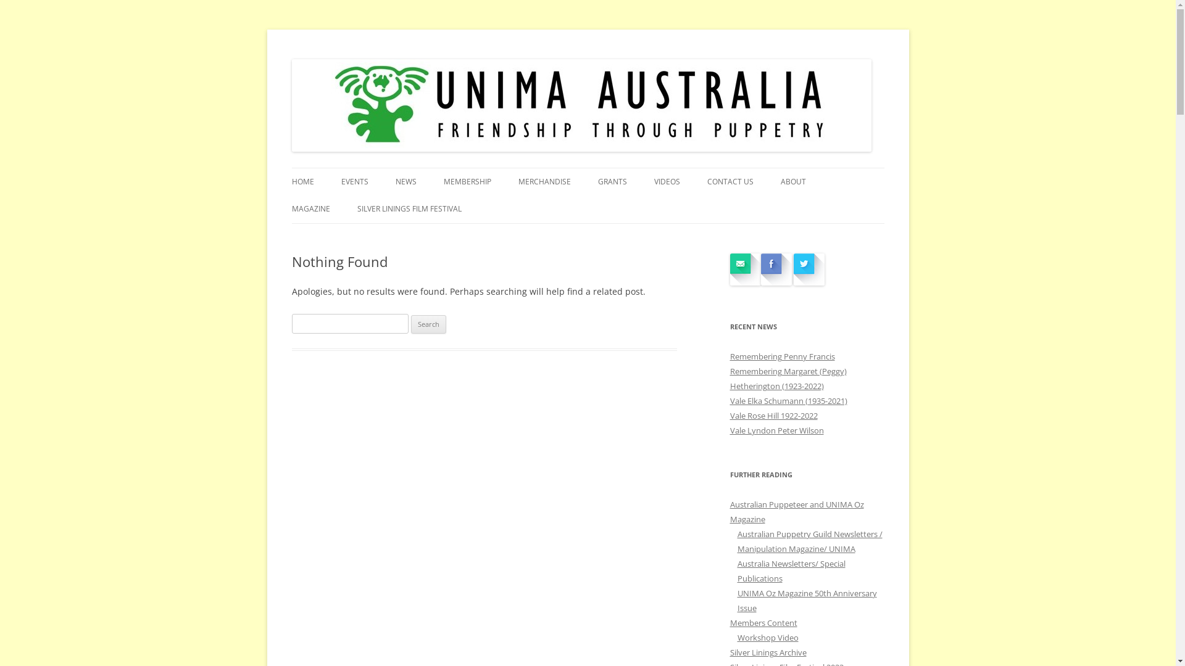 The width and height of the screenshot is (1185, 666). What do you see at coordinates (775, 430) in the screenshot?
I see `'Vale Lyndon Peter Wilson'` at bounding box center [775, 430].